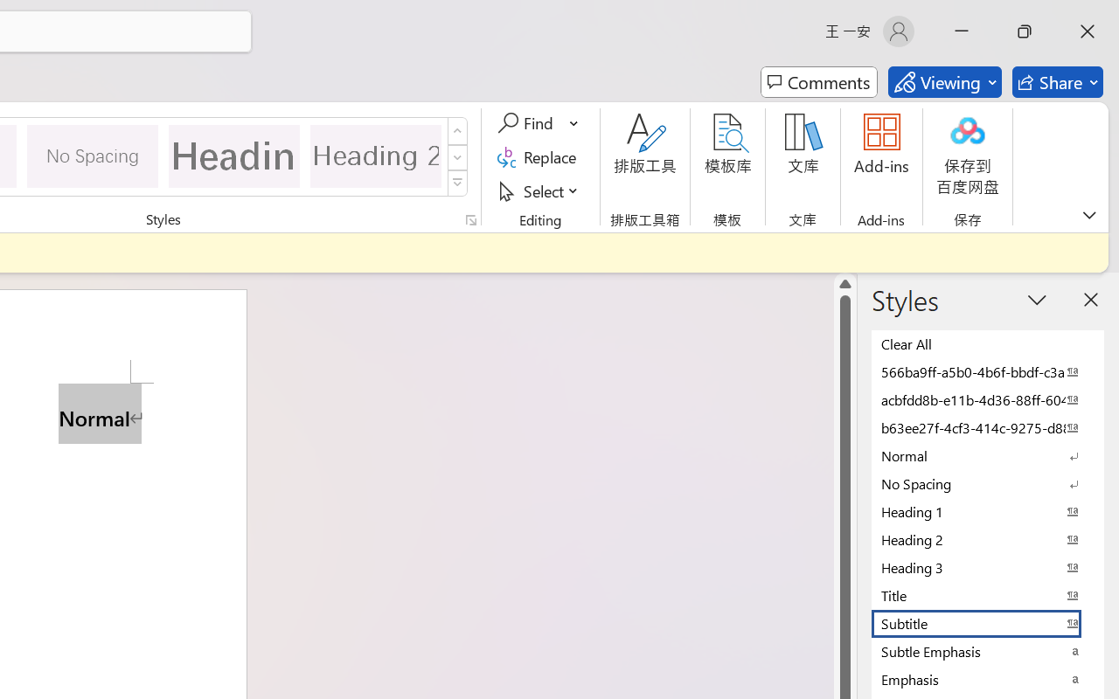 The height and width of the screenshot is (699, 1119). Describe the element at coordinates (988, 427) in the screenshot. I see `'b63ee27f-4cf3-414c-9275-d88e3f90795e'` at that location.